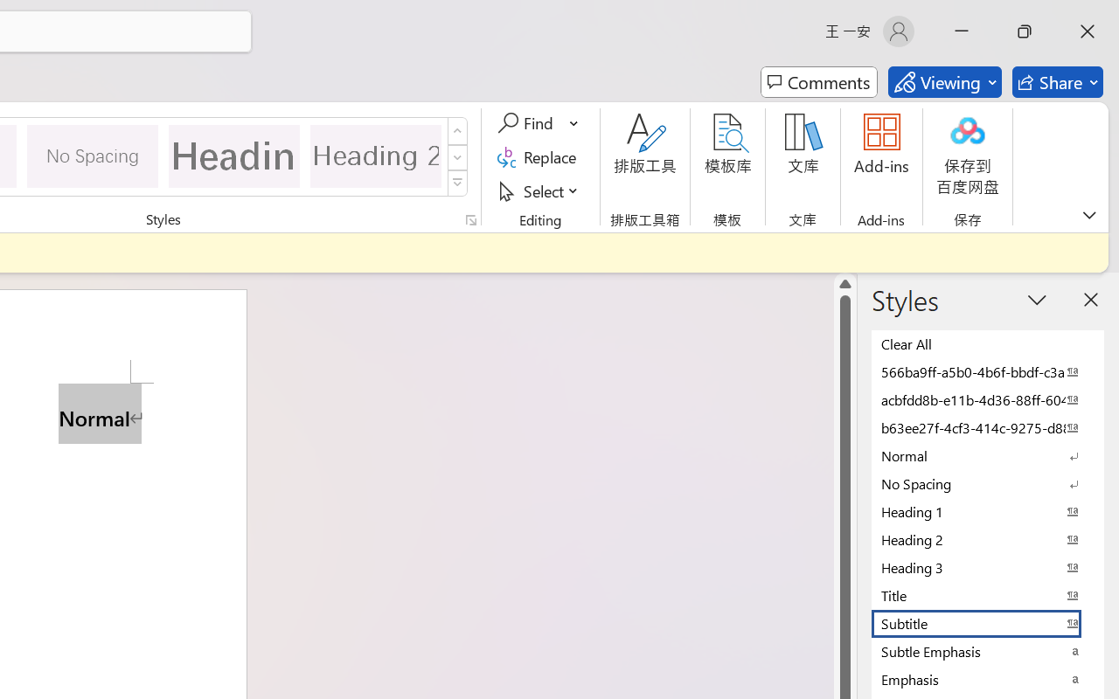 The height and width of the screenshot is (699, 1119). Describe the element at coordinates (988, 427) in the screenshot. I see `'b63ee27f-4cf3-414c-9275-d88e3f90795e'` at that location.